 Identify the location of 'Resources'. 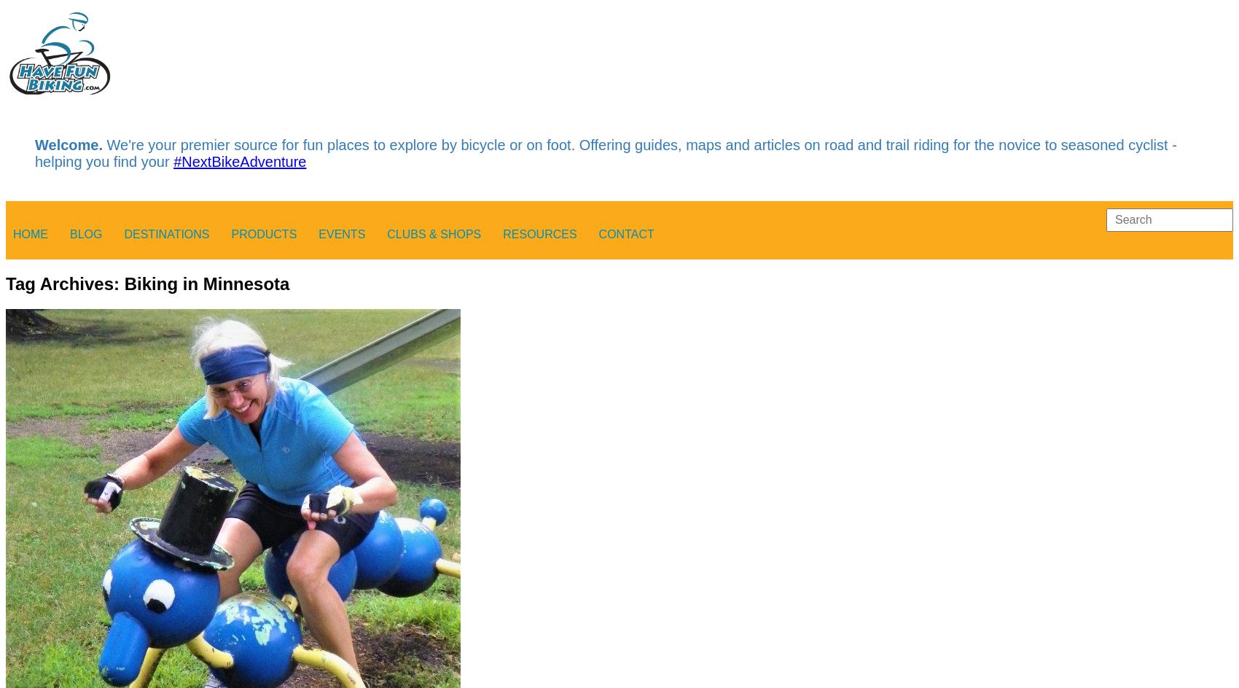
(539, 233).